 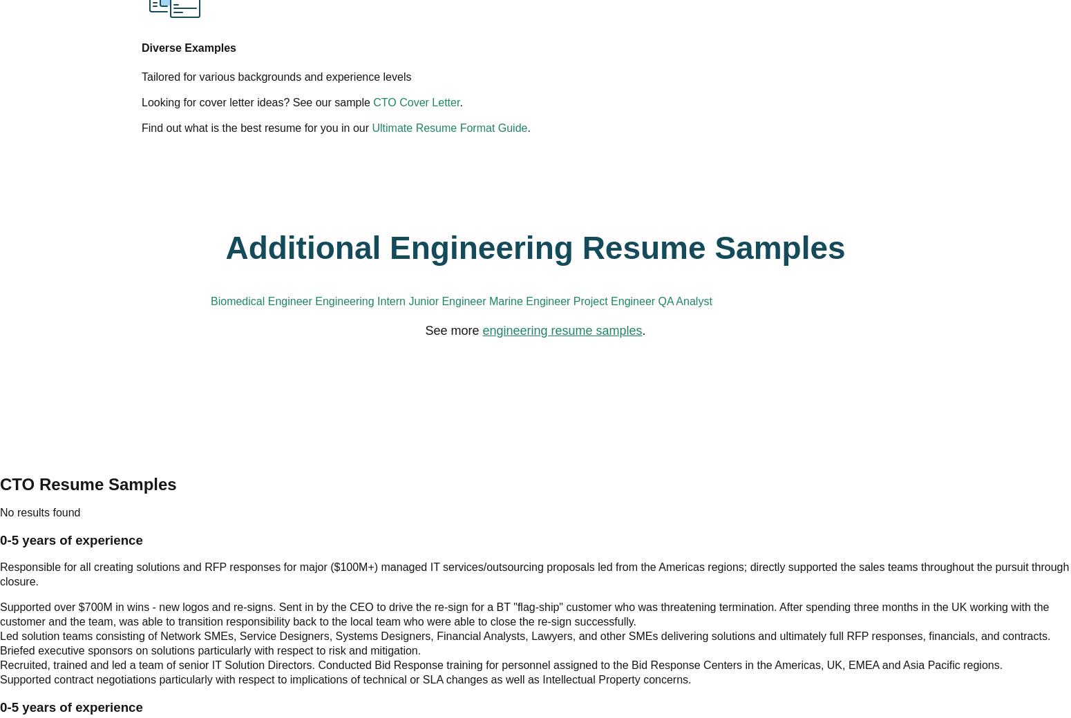 What do you see at coordinates (610, 204) in the screenshot?
I see `'Junior Engineer'` at bounding box center [610, 204].